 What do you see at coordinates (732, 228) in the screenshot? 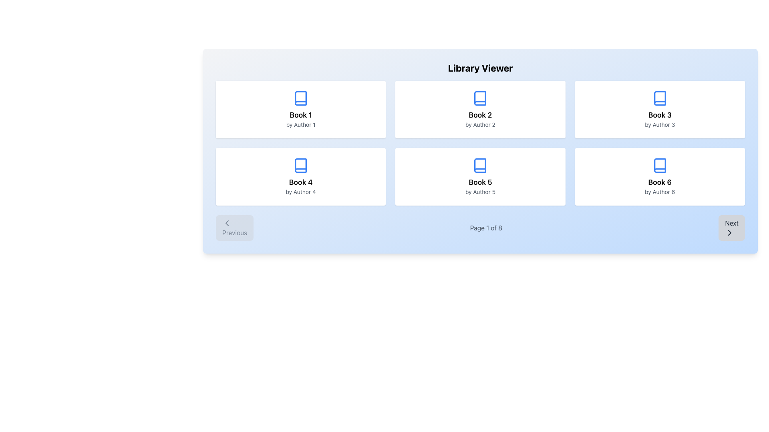
I see `the 'Next' button located at the bottom right corner of the interface` at bounding box center [732, 228].